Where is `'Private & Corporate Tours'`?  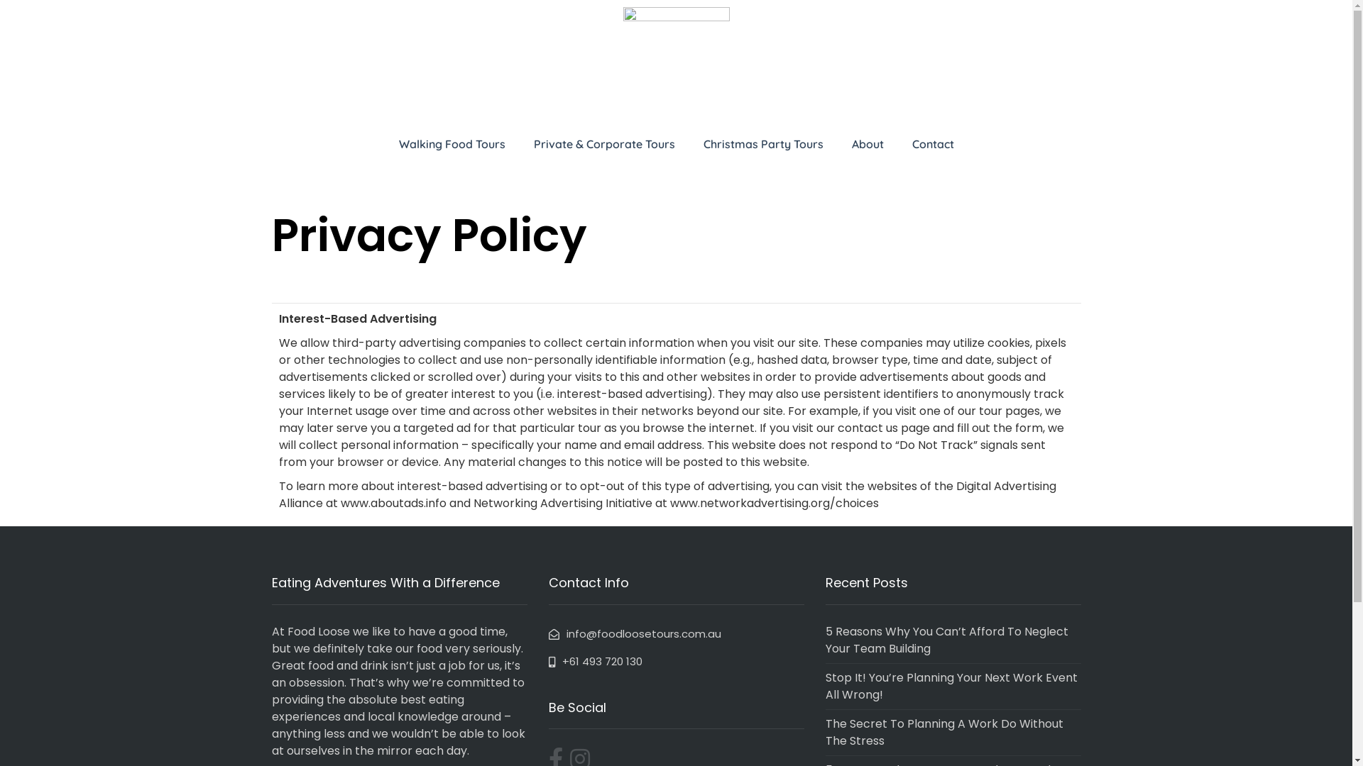 'Private & Corporate Tours' is located at coordinates (604, 144).